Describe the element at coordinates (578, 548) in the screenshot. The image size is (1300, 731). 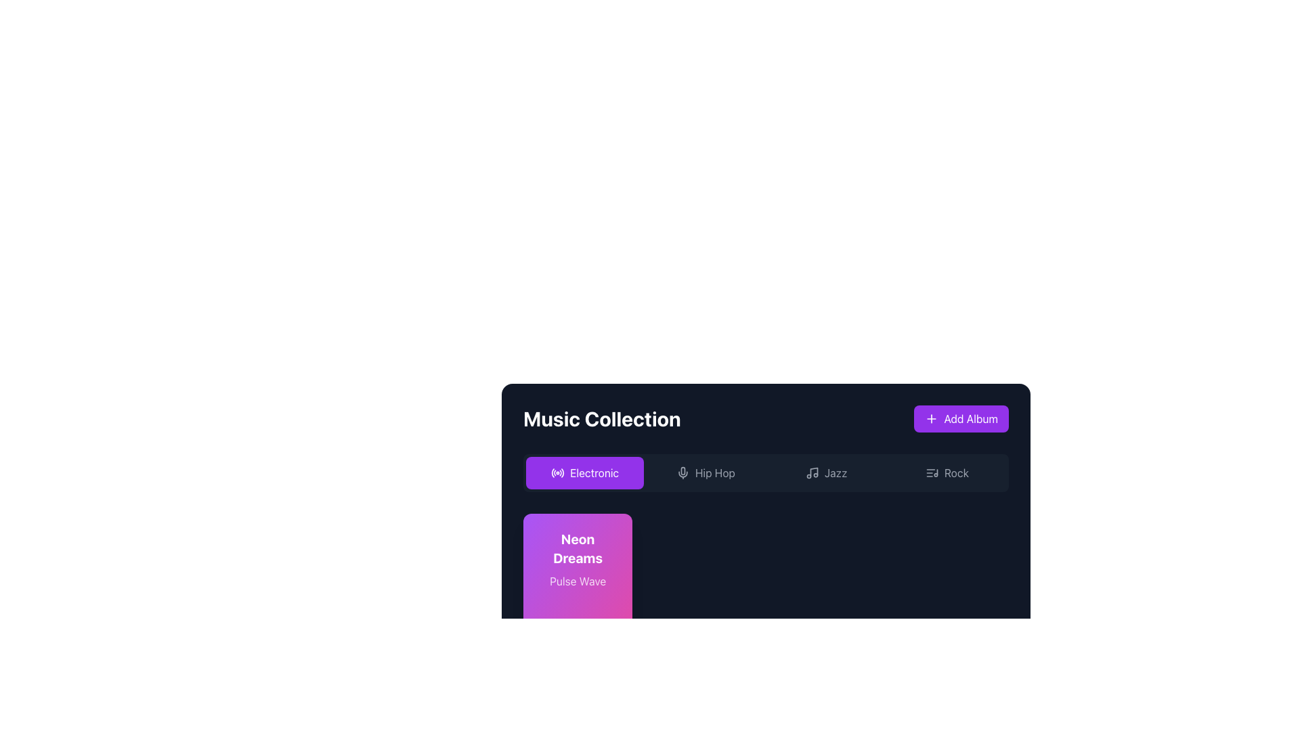
I see `the text label displaying the title of an item in the Music Collection section, which is positioned above 'Pulse Wave' and has a gradient background` at that location.